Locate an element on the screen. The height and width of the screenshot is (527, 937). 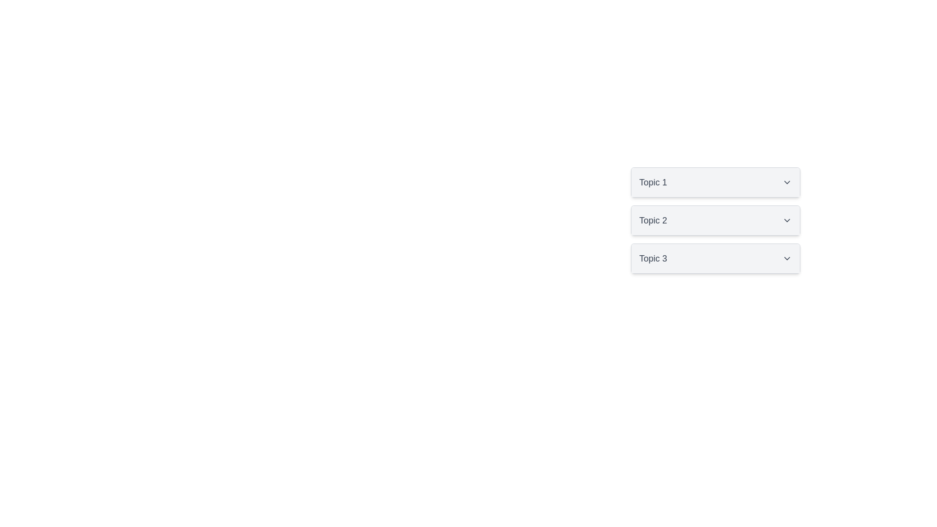
the third button labeled 'Topic 3' is located at coordinates (715, 258).